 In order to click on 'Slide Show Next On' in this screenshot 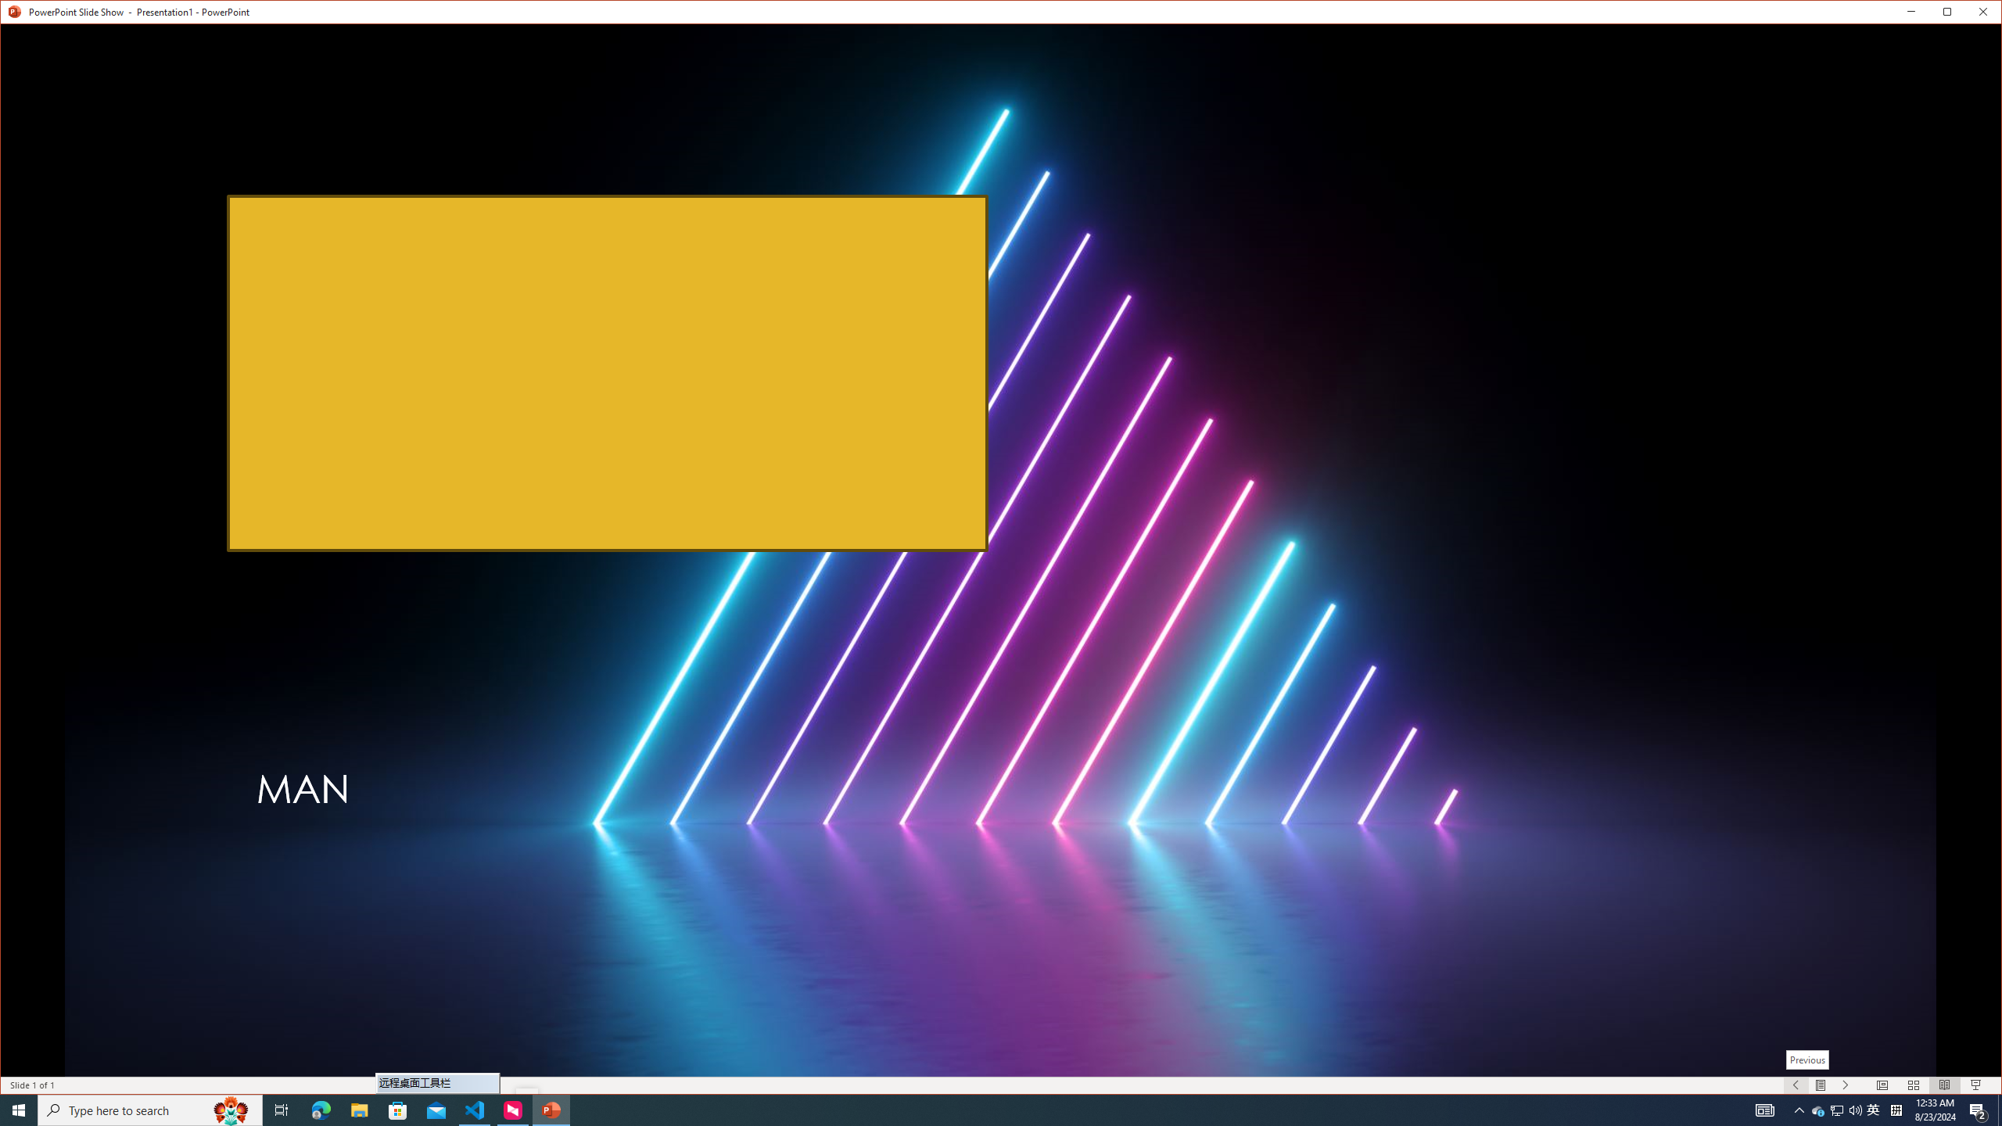, I will do `click(1846, 1085)`.